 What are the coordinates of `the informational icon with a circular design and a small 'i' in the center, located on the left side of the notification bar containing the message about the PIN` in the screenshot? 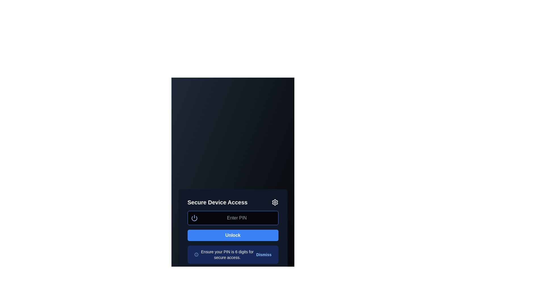 It's located at (196, 254).